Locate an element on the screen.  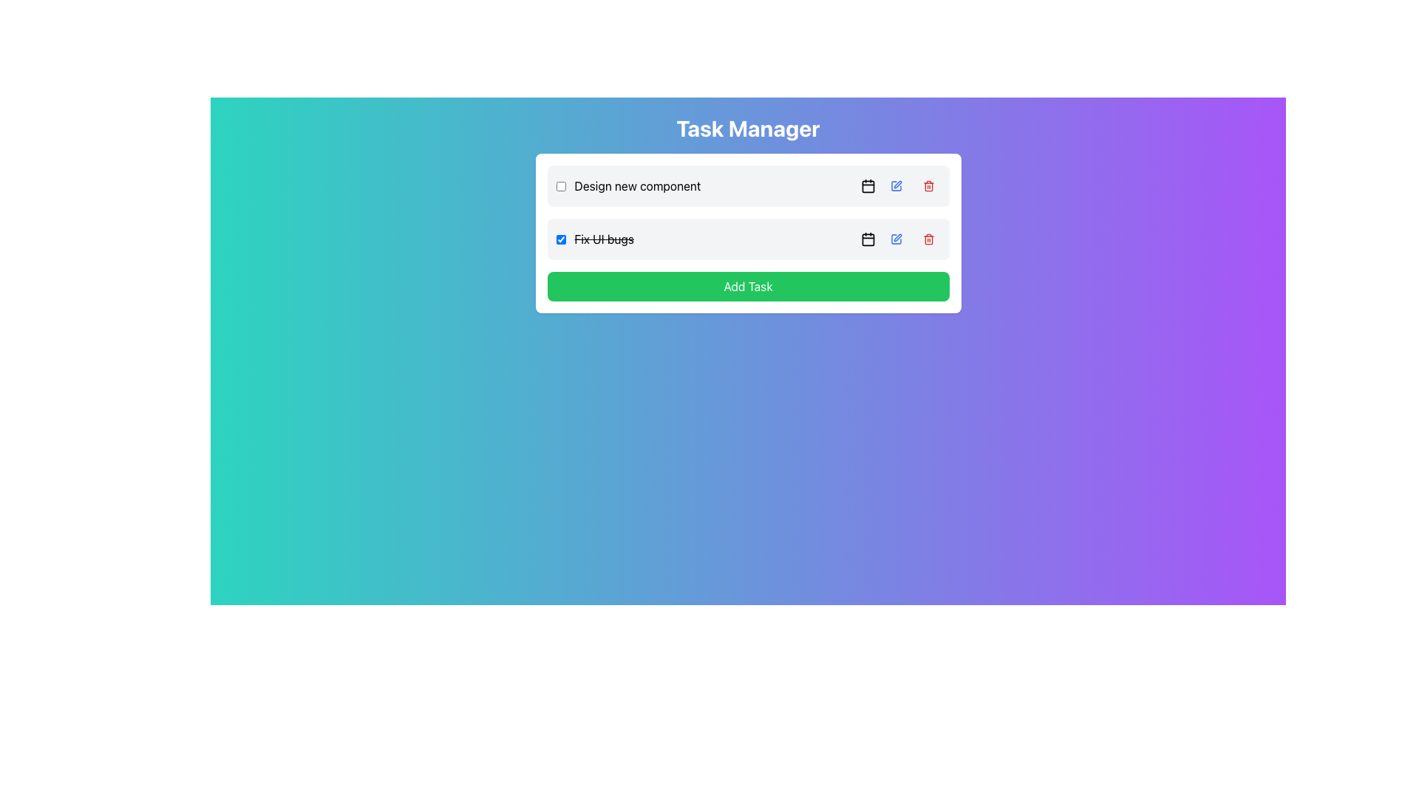
the delete icon located at the rightmost position in the second task row of the task list is located at coordinates (928, 239).